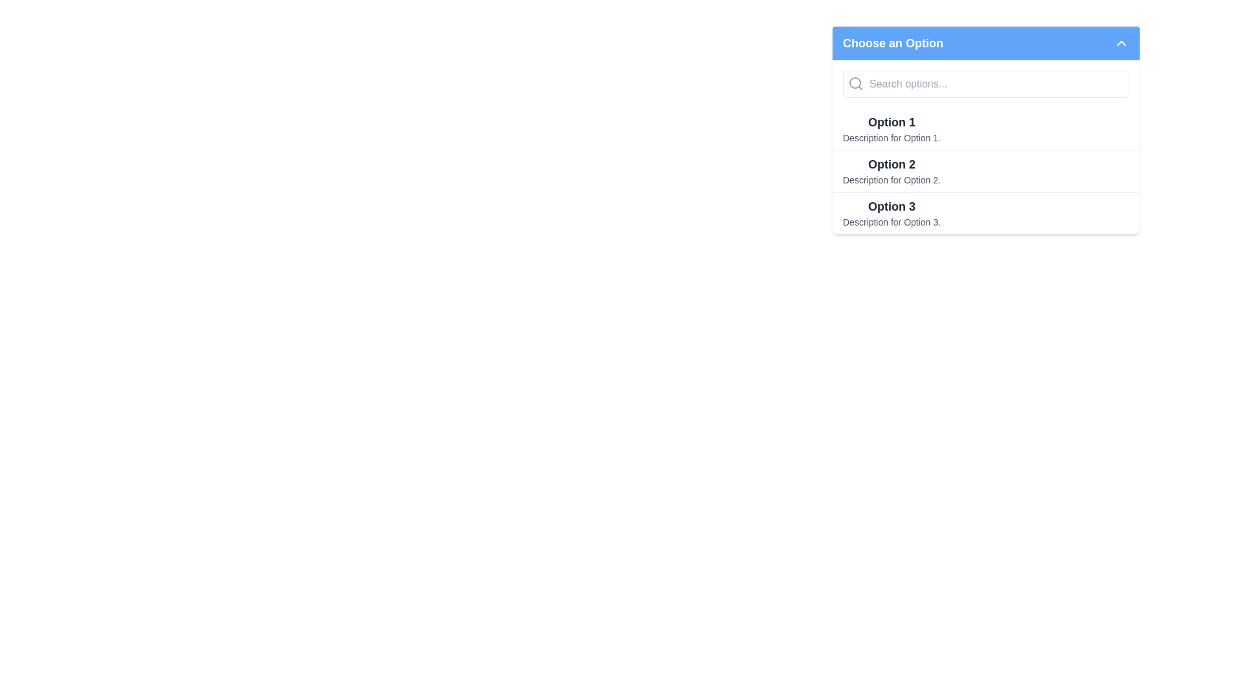 This screenshot has width=1244, height=700. What do you see at coordinates (891, 137) in the screenshot?
I see `the descriptive text element that provides additional information about 'Option 1' located inside the 'Choose an Option' dropdown menu` at bounding box center [891, 137].